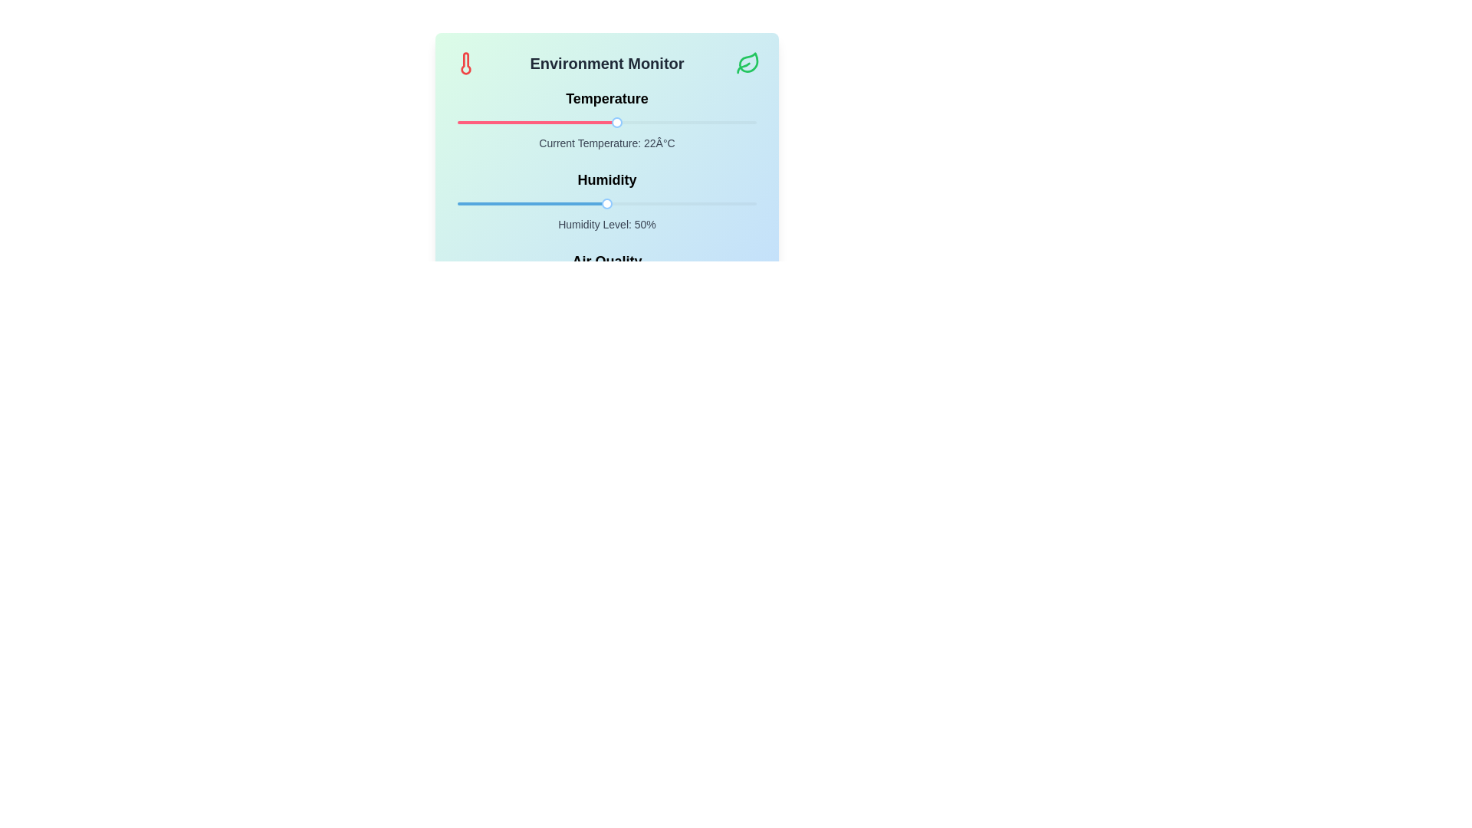 The height and width of the screenshot is (828, 1472). I want to click on the handle of the horizontal slider located at the 50% mark along the slider track, so click(606, 203).